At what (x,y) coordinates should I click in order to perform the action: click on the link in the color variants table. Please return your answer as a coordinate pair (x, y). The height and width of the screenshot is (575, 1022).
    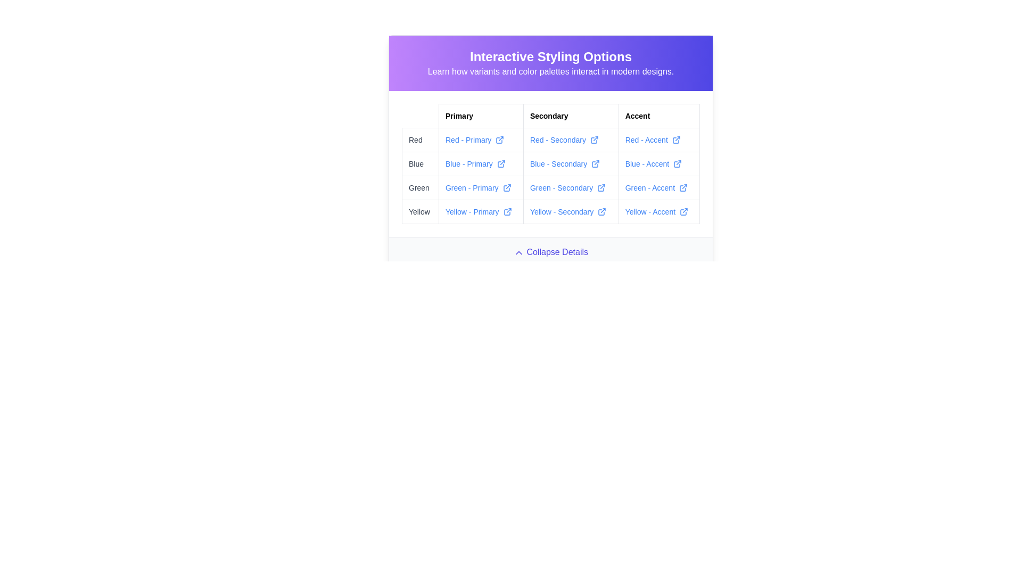
    Looking at the image, I should click on (551, 164).